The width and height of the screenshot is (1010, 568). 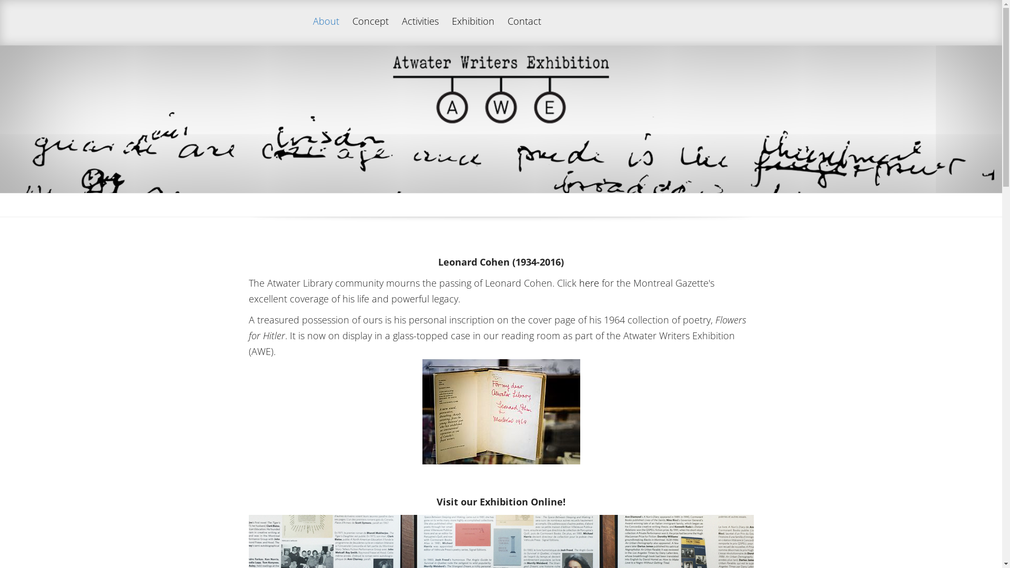 What do you see at coordinates (419, 30) in the screenshot?
I see `'Activities'` at bounding box center [419, 30].